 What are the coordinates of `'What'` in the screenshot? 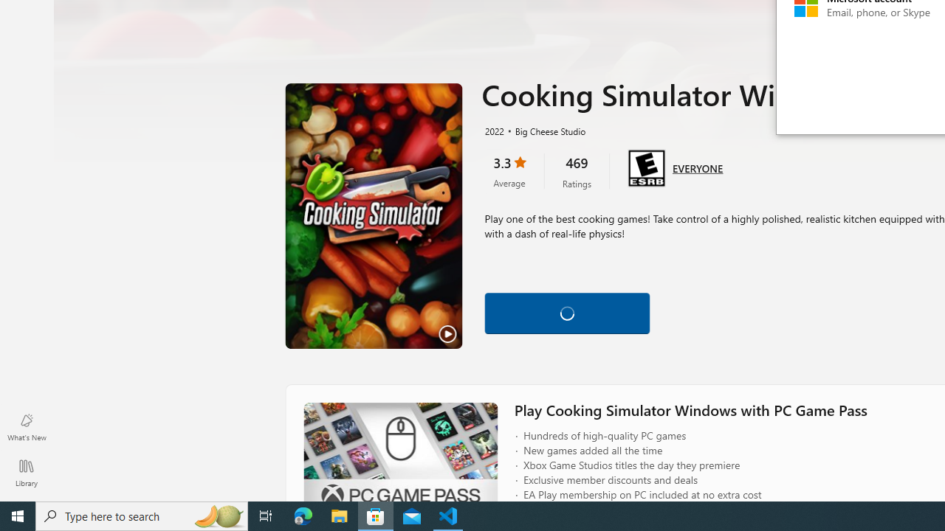 It's located at (26, 426).